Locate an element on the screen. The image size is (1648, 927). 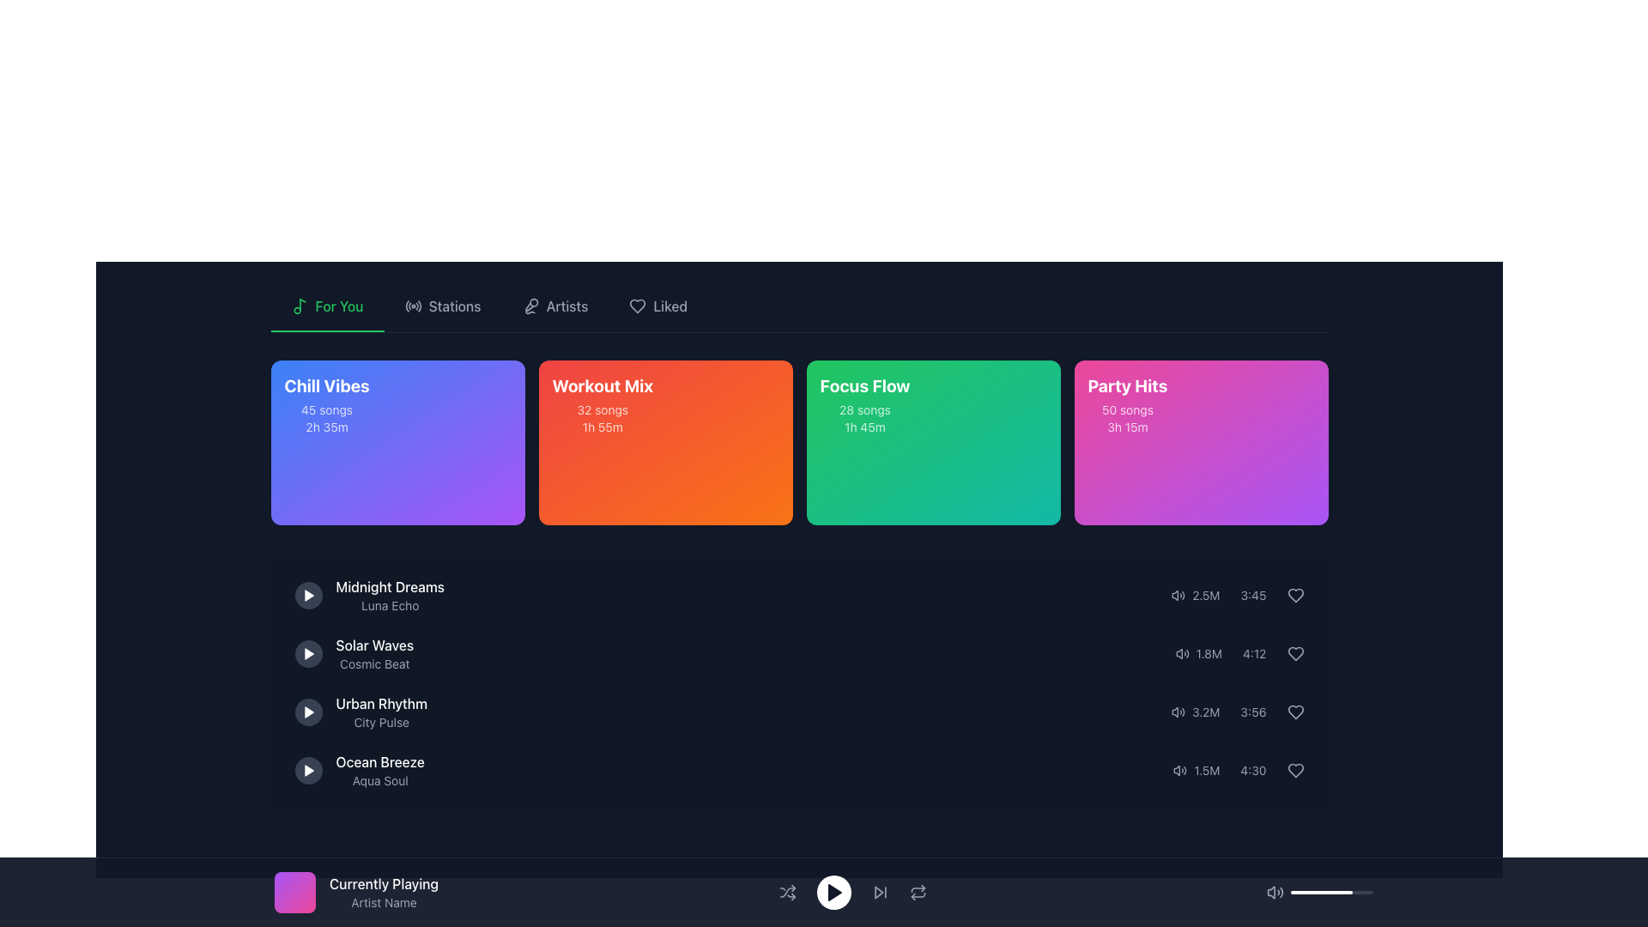
the slider is located at coordinates (1332, 892).